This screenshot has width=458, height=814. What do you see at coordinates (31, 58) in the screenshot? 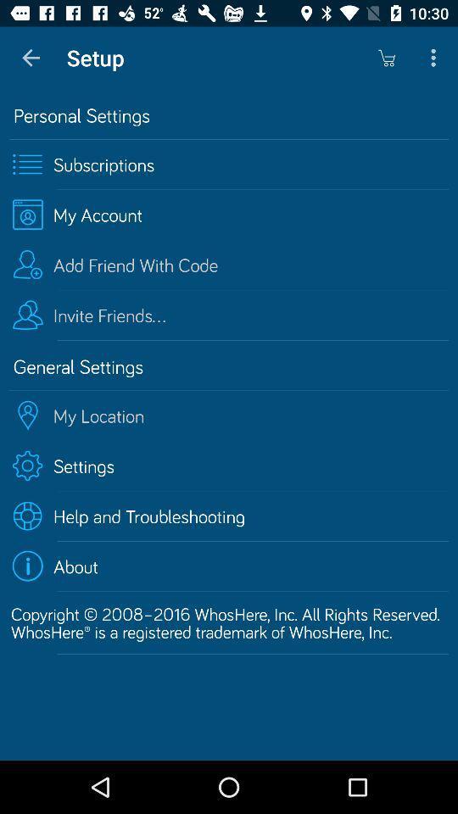
I see `the icon above personal settings` at bounding box center [31, 58].